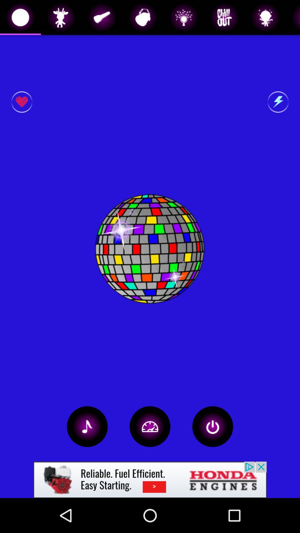  What do you see at coordinates (21, 102) in the screenshot?
I see `like button` at bounding box center [21, 102].